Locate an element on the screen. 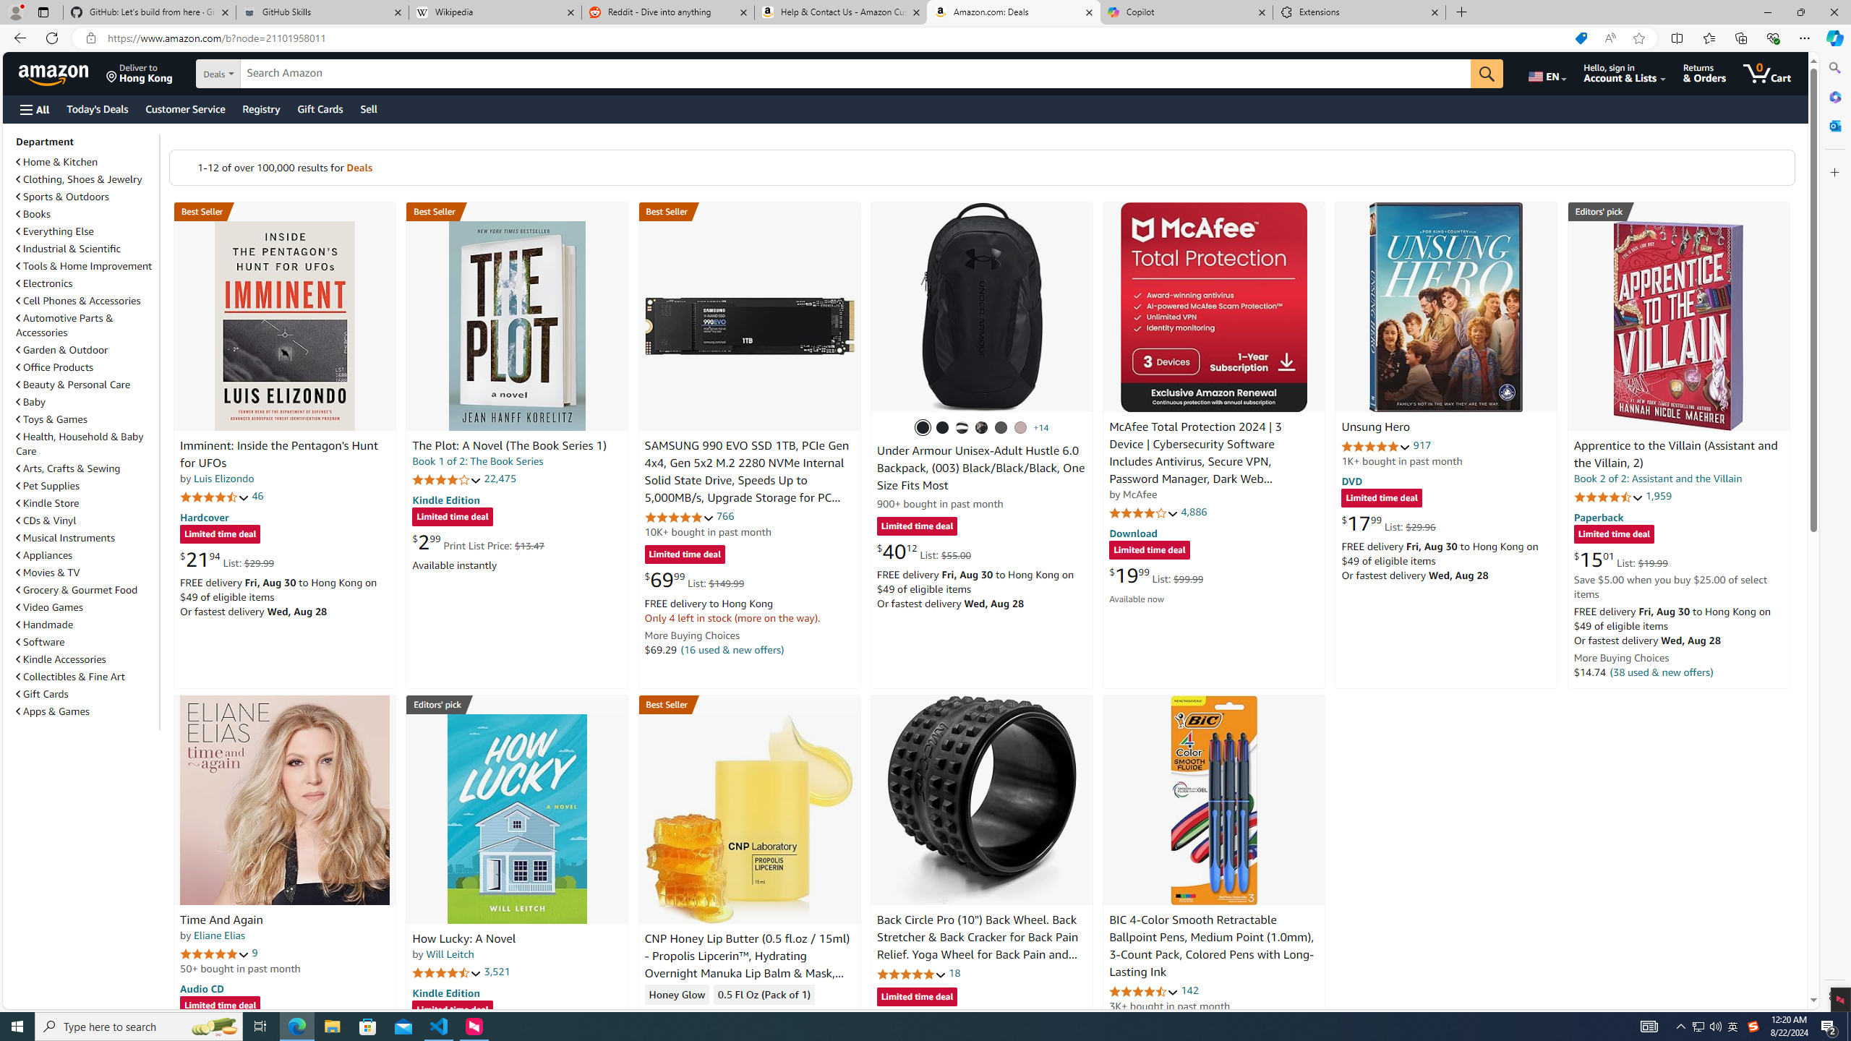  'Book 2 of 2: Assistant and the Villain' is located at coordinates (1657, 477).